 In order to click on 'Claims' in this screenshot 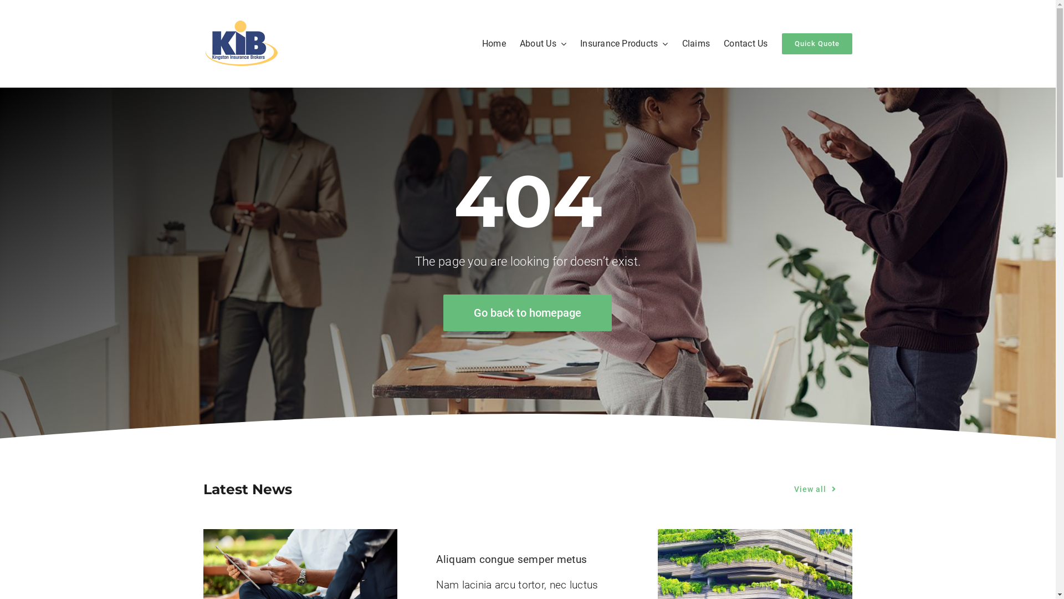, I will do `click(681, 43)`.